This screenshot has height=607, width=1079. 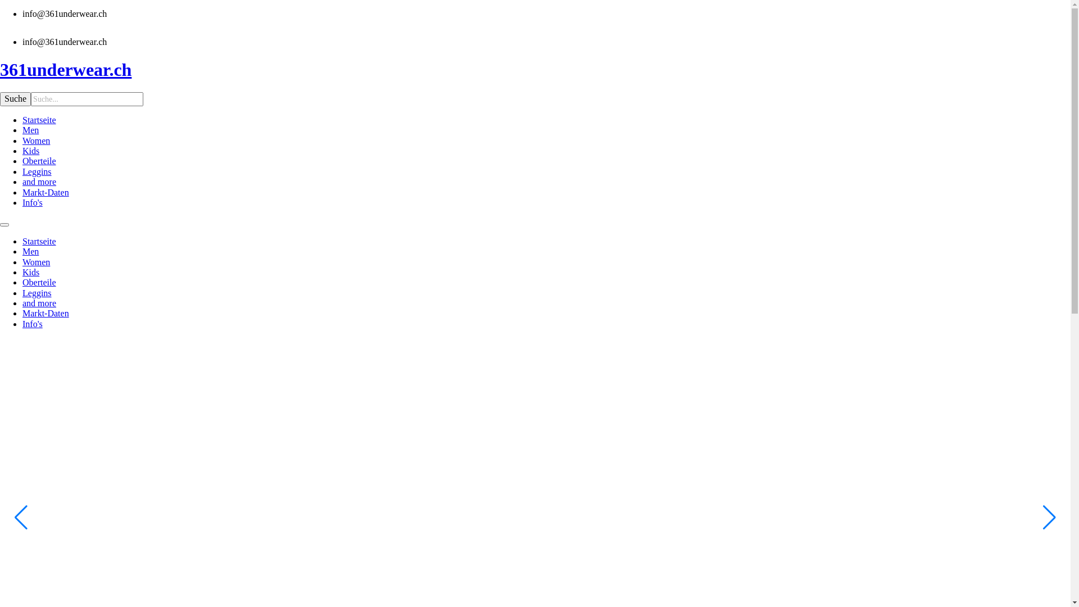 I want to click on 'Kids', so click(x=30, y=272).